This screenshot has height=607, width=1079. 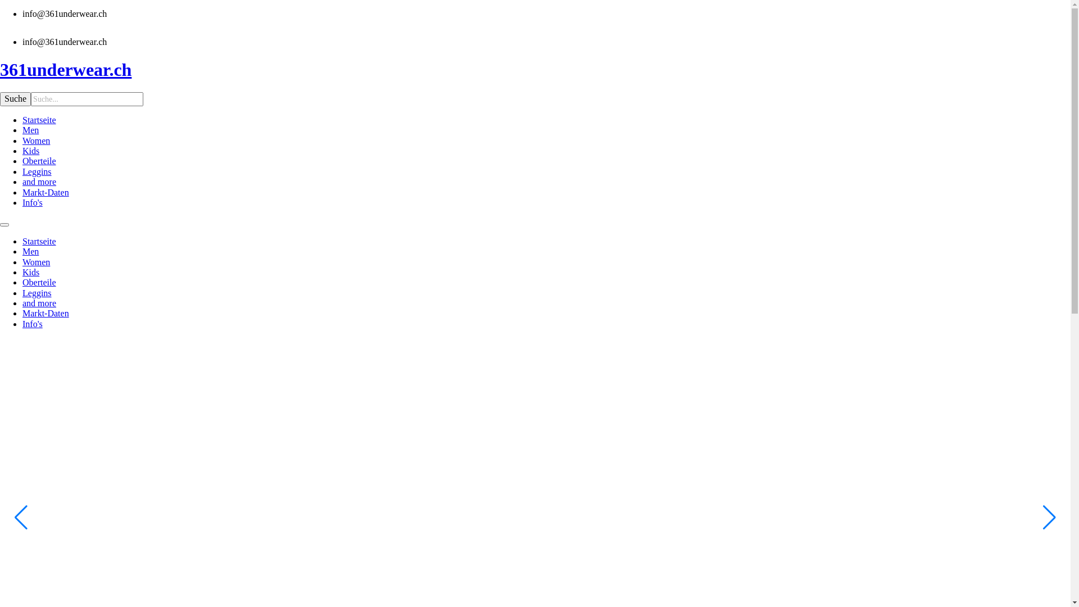 I want to click on 'Kids', so click(x=30, y=272).